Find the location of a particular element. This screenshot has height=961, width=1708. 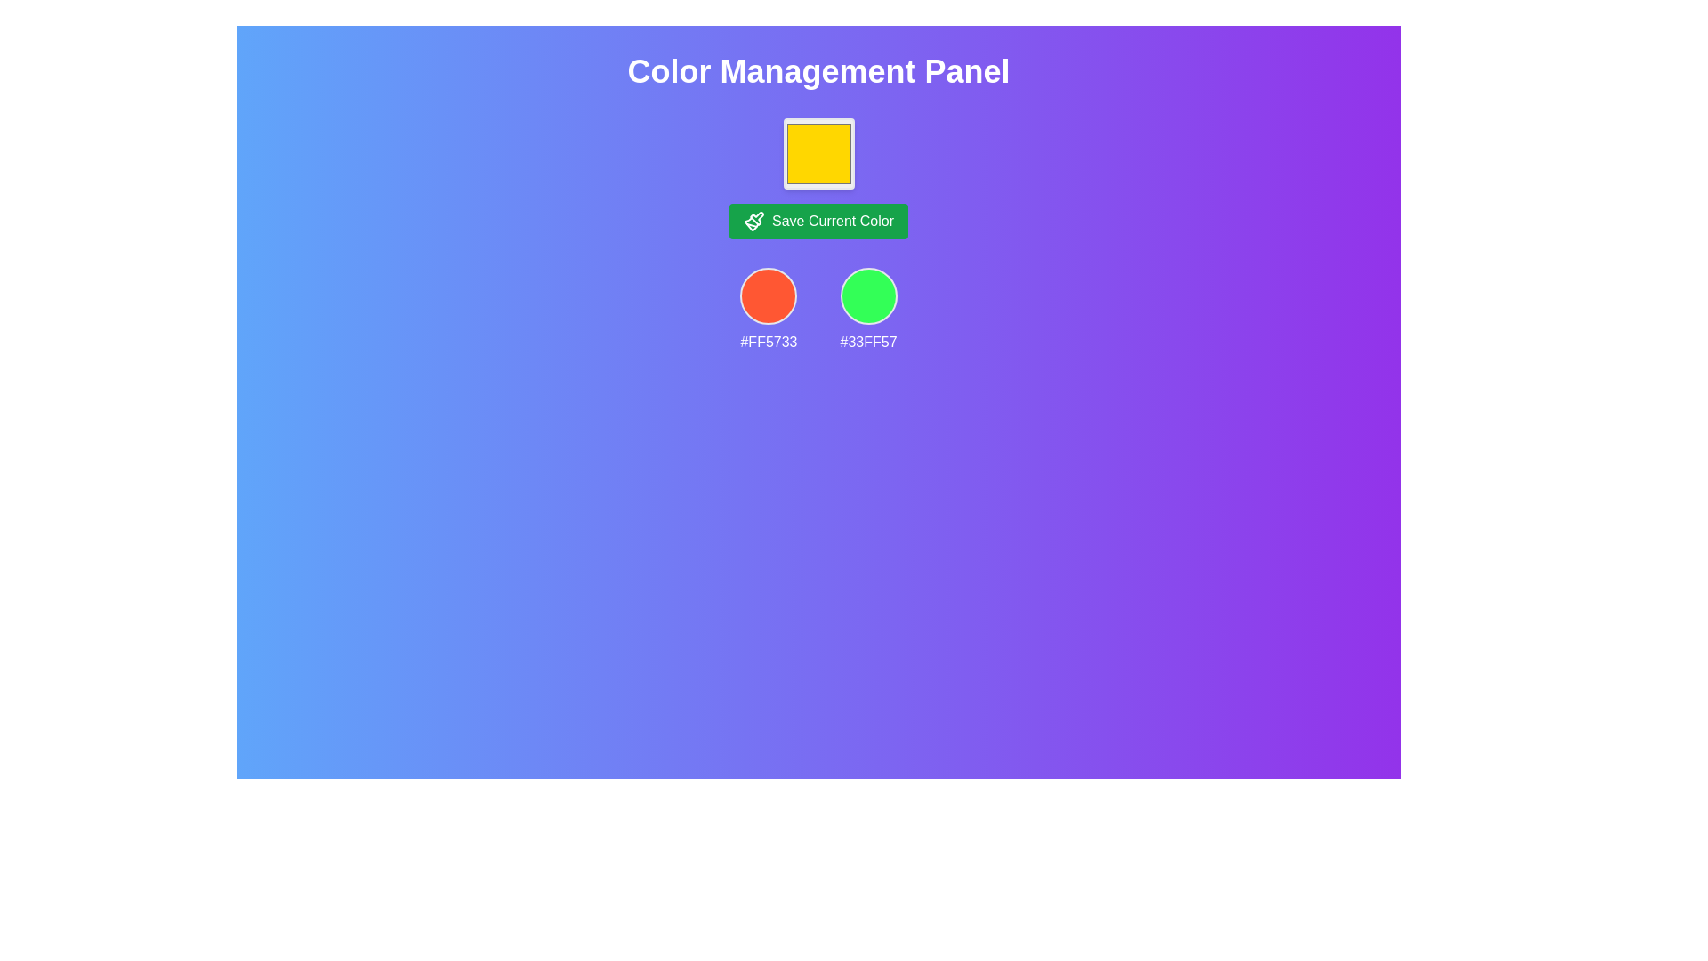

the icon representing the 'Save Current Color' functionality, located to the left of the button labeled 'Save Current Color' is located at coordinates (754, 221).